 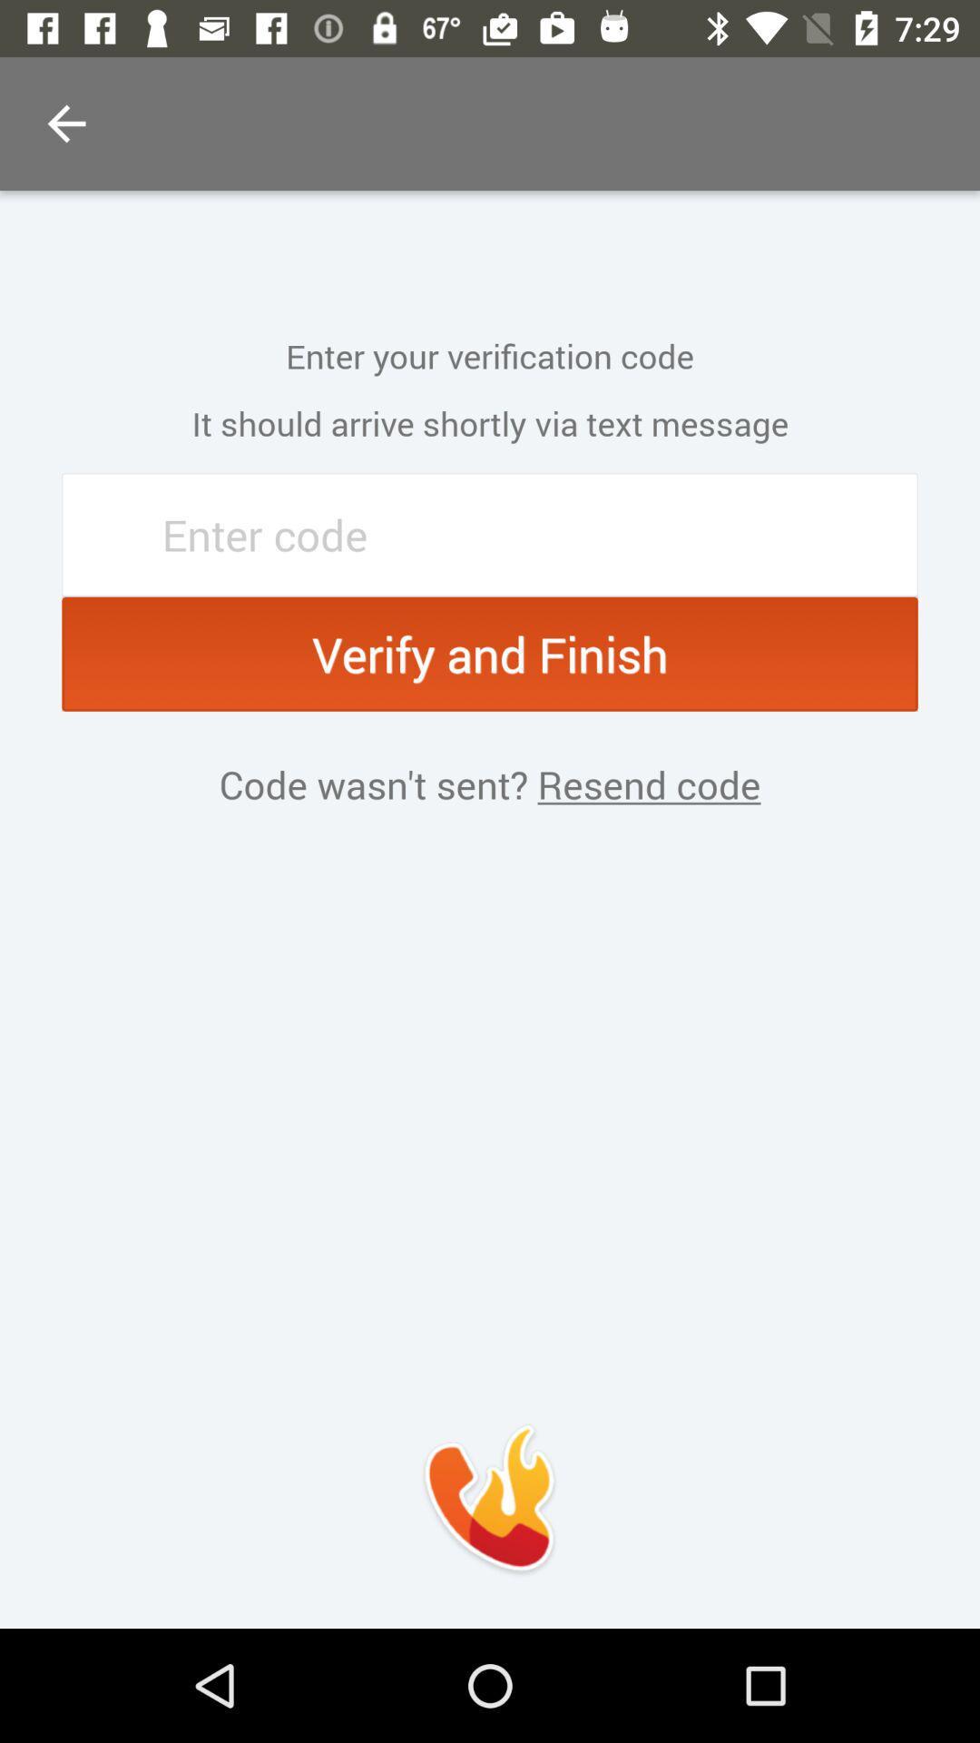 What do you see at coordinates (65, 123) in the screenshot?
I see `icon at the top left corner` at bounding box center [65, 123].